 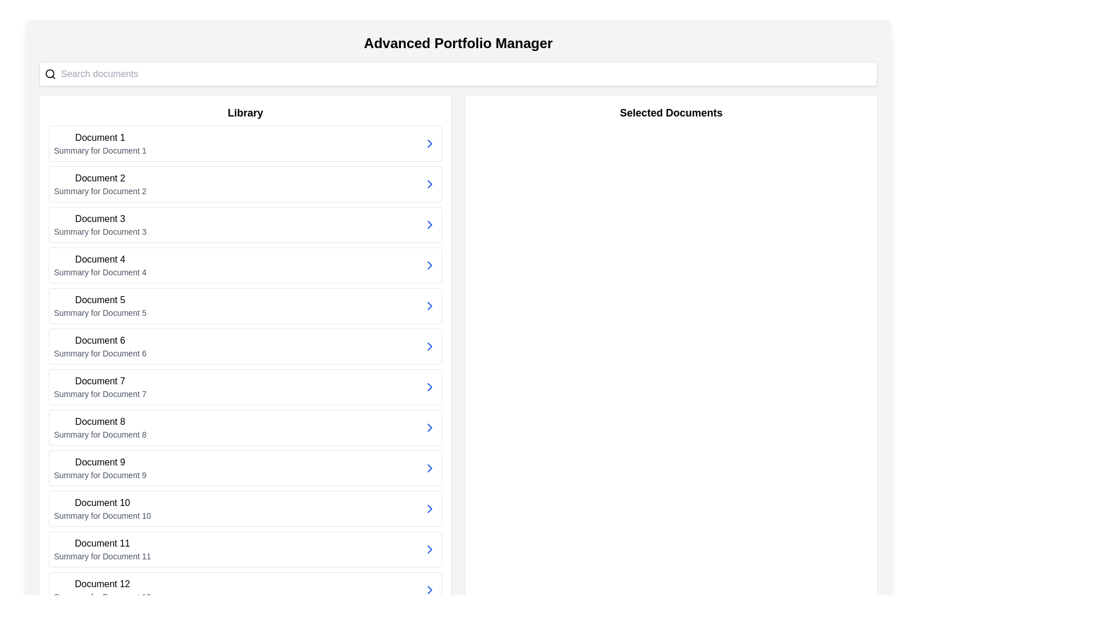 I want to click on the Chevron-Right icon, so click(x=429, y=225).